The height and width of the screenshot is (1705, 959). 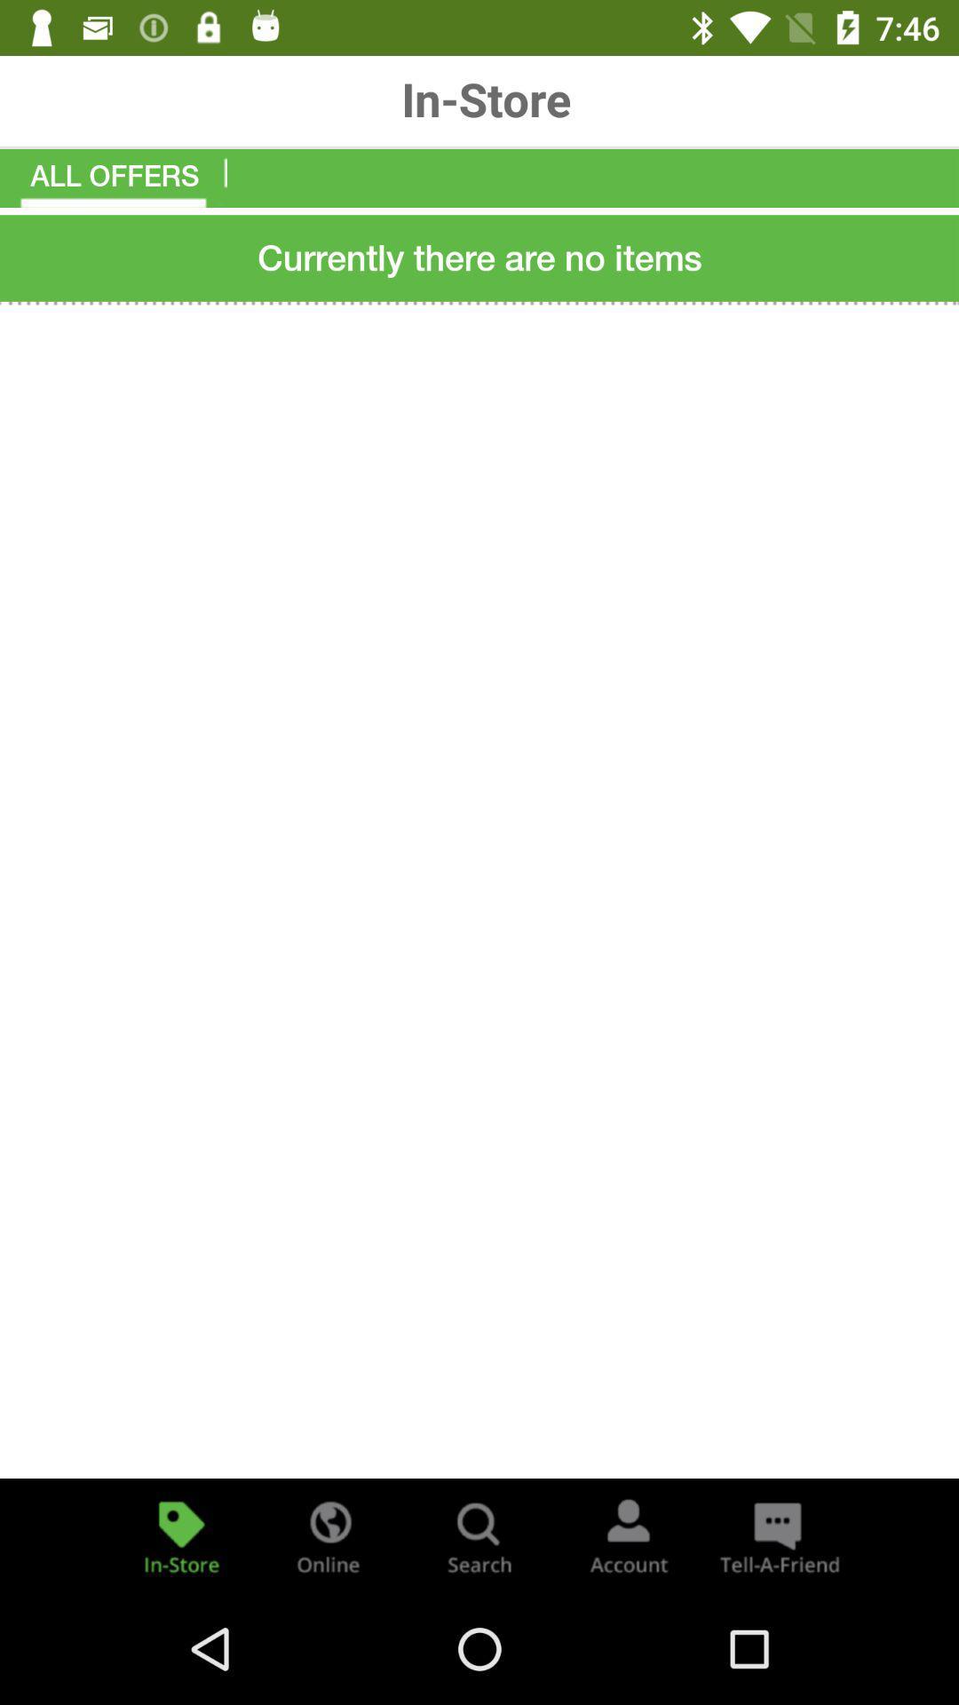 I want to click on in store, so click(x=181, y=1534).